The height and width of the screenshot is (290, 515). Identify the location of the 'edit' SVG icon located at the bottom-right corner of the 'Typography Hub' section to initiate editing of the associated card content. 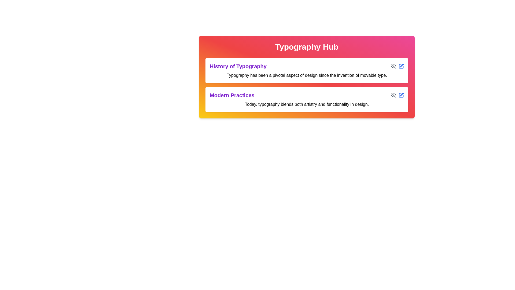
(401, 95).